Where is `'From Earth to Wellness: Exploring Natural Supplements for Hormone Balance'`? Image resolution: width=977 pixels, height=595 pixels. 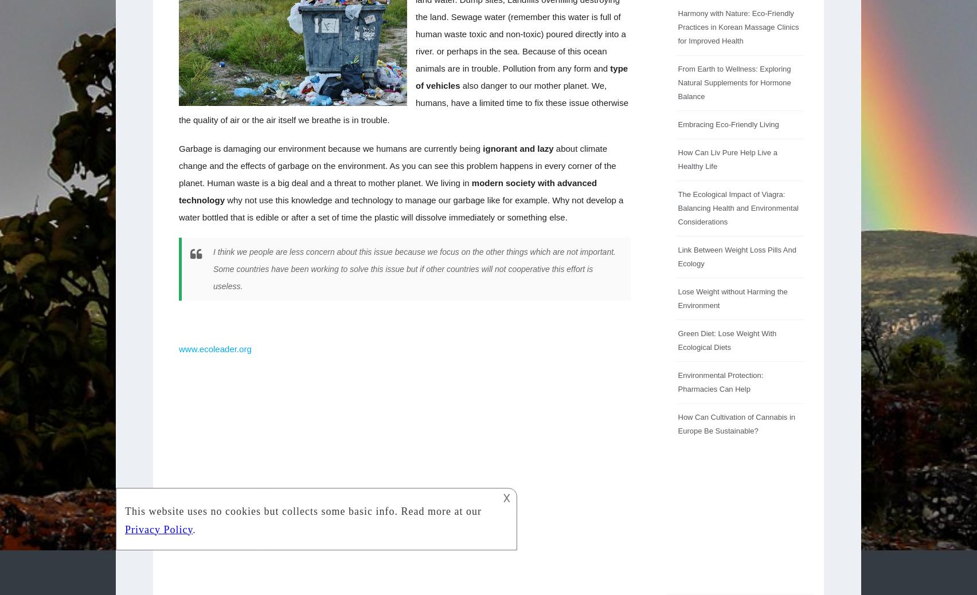
'From Earth to Wellness: Exploring Natural Supplements for Hormone Balance' is located at coordinates (734, 82).